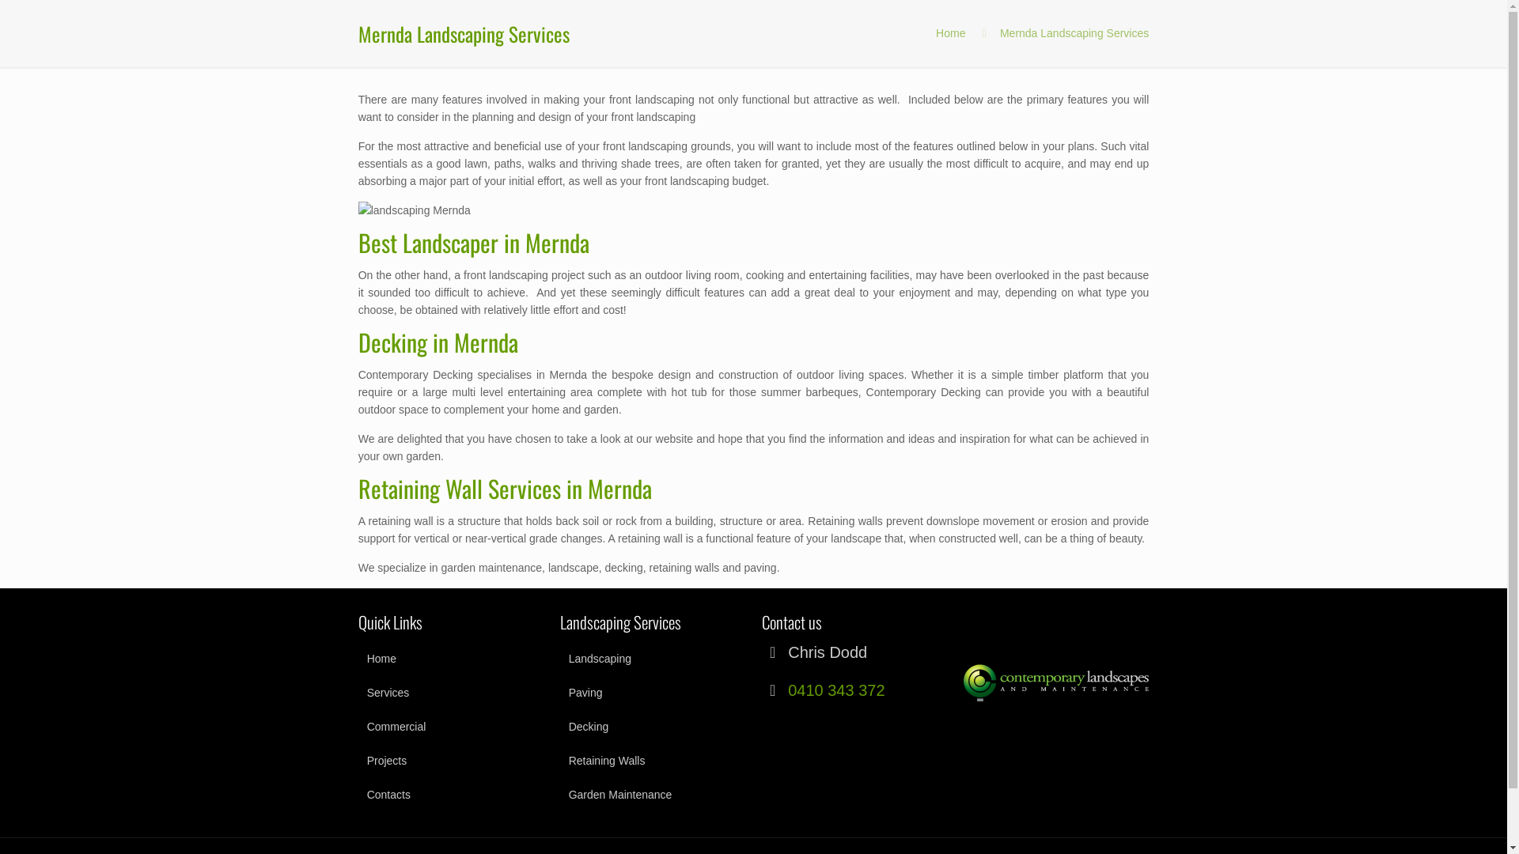 The height and width of the screenshot is (854, 1519). What do you see at coordinates (949, 33) in the screenshot?
I see `'Home'` at bounding box center [949, 33].